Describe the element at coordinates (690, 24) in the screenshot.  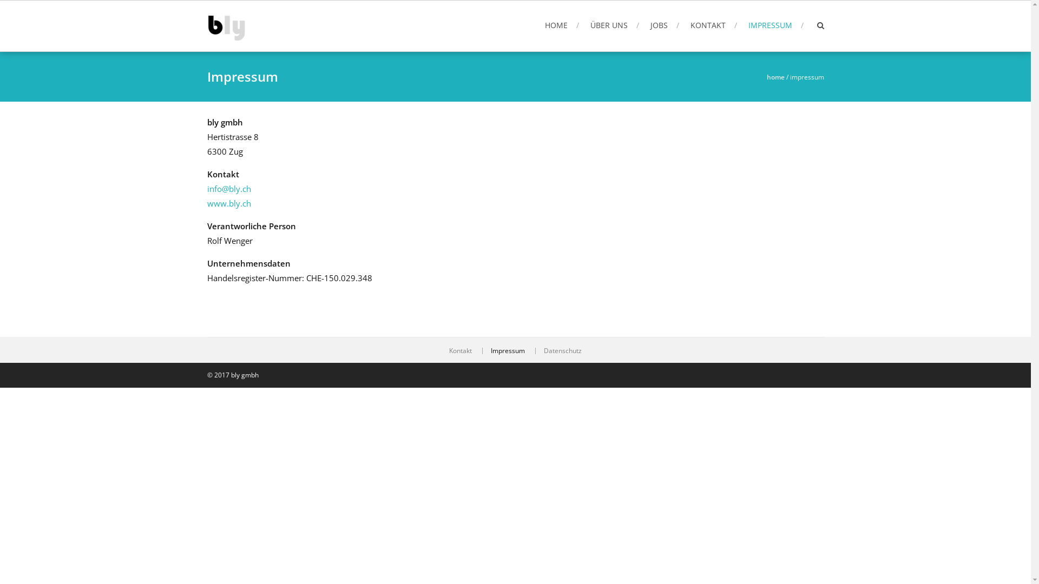
I see `'KONTAKT'` at that location.